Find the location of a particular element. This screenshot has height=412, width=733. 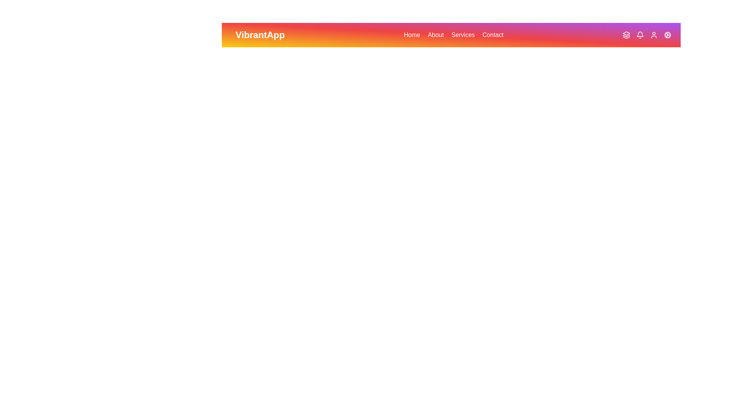

the link labeled About to trigger its hover effect is located at coordinates (436, 35).